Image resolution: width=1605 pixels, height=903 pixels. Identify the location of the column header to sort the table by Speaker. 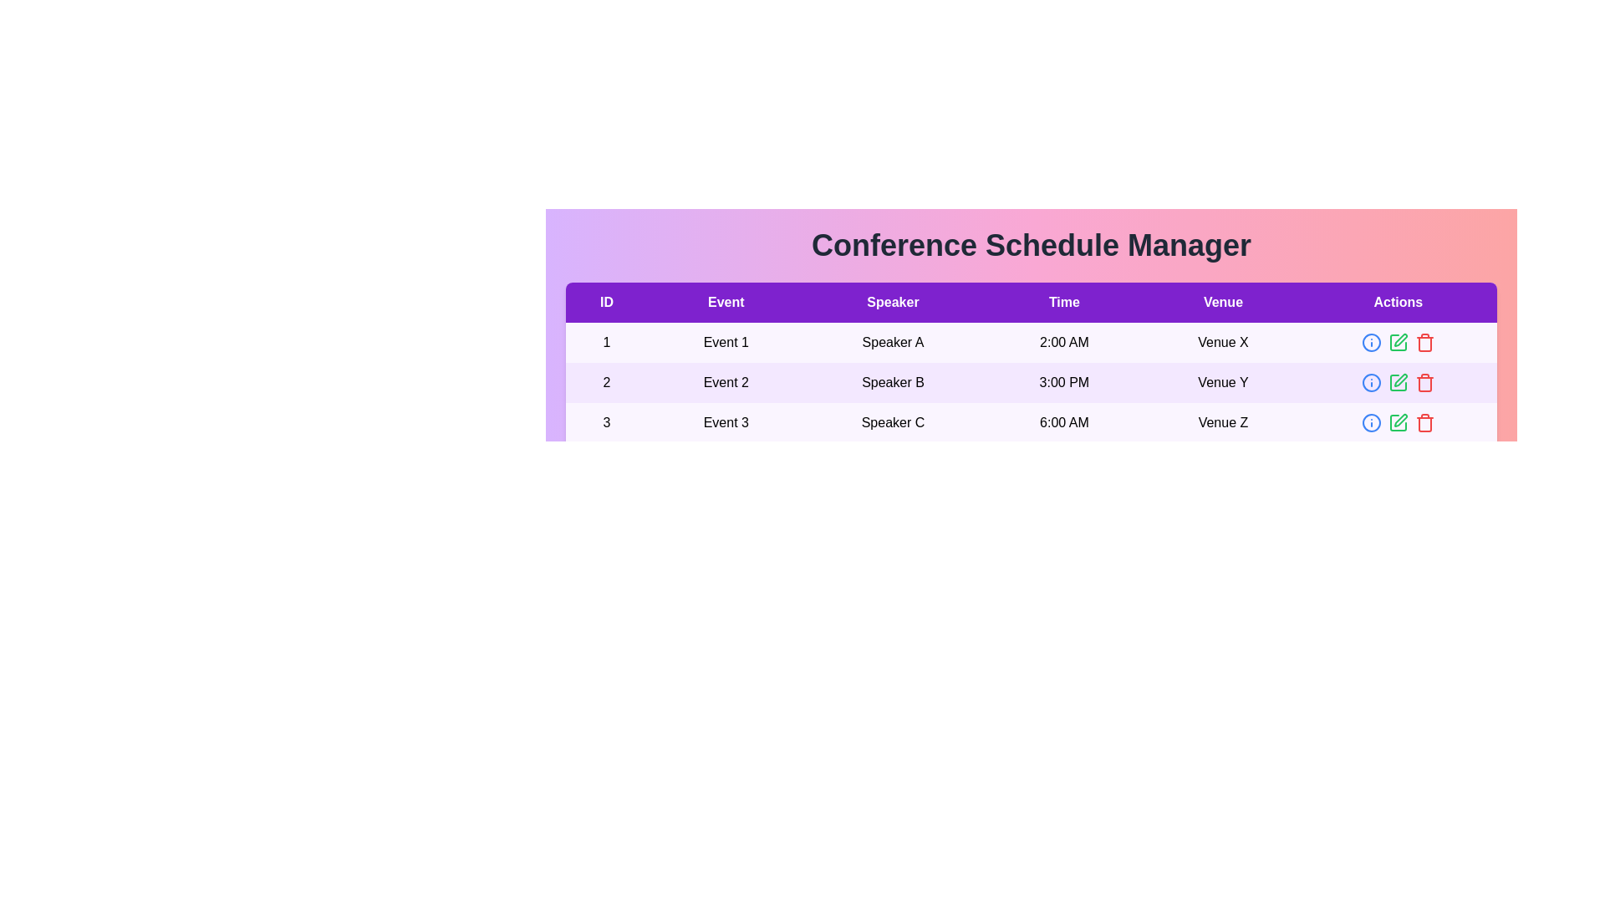
(892, 303).